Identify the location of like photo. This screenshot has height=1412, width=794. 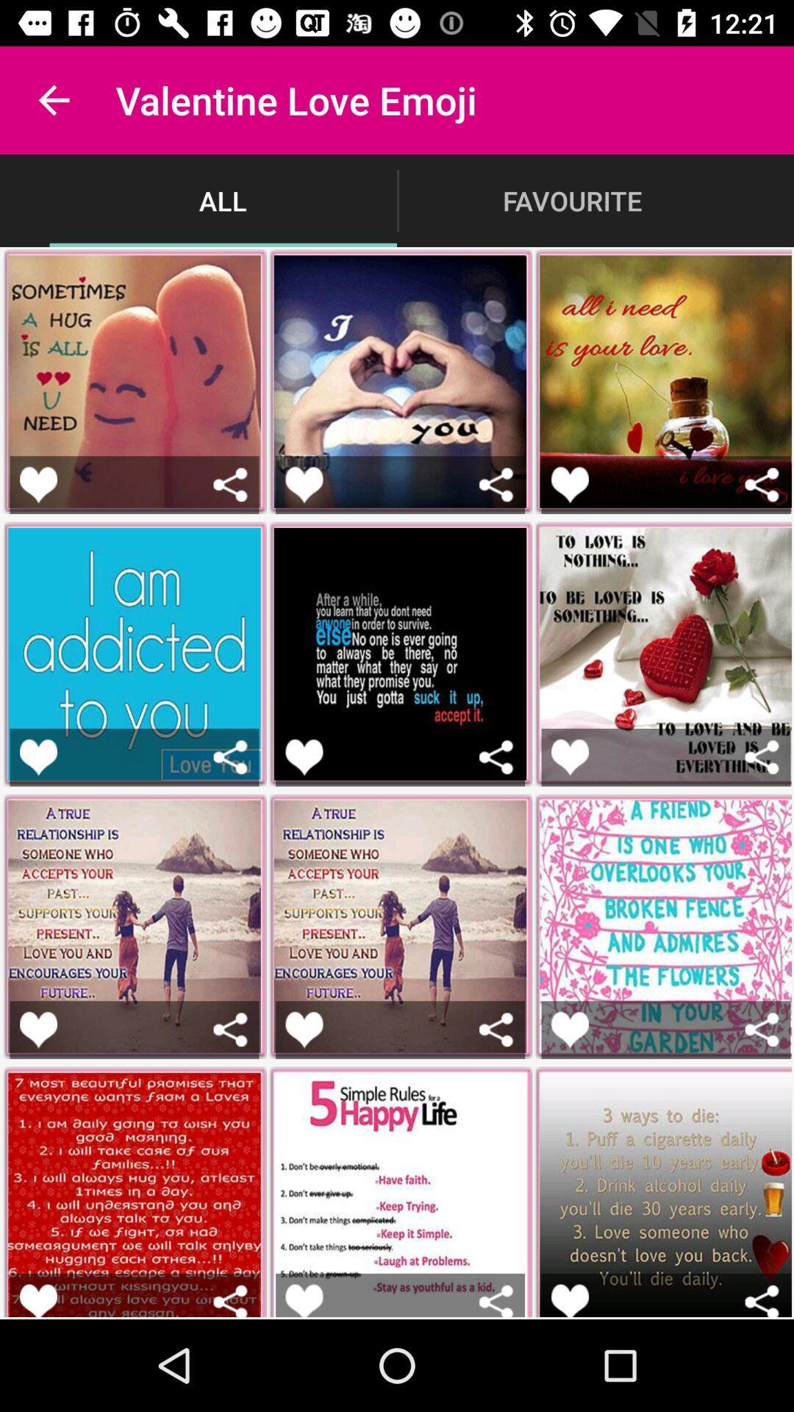
(569, 1029).